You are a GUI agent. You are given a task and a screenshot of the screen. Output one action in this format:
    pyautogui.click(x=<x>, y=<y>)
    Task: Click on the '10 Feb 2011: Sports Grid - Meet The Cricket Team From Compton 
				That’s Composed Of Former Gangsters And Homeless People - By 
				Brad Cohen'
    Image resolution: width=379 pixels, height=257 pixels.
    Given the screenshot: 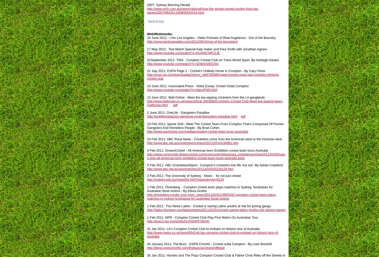 What is the action you would take?
    pyautogui.click(x=215, y=125)
    